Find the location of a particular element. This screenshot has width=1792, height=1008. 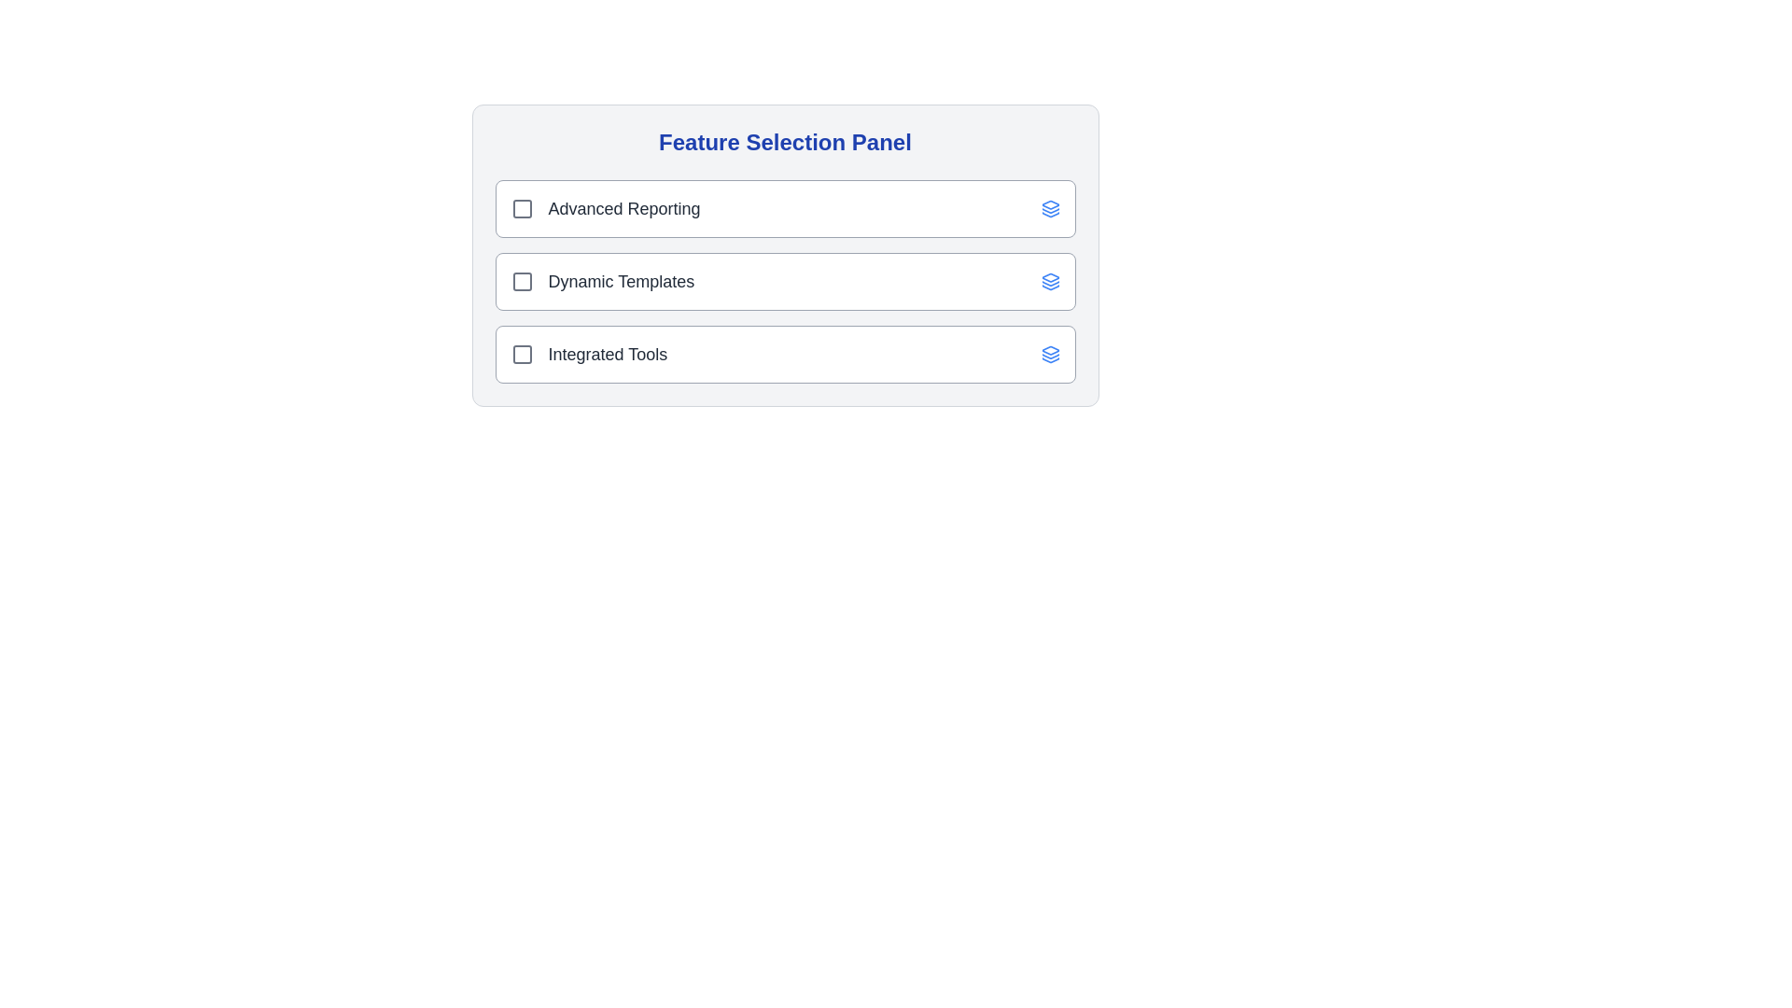

the 'Integrated Tools' option in the 'Feature Selection Panel' is located at coordinates (785, 355).